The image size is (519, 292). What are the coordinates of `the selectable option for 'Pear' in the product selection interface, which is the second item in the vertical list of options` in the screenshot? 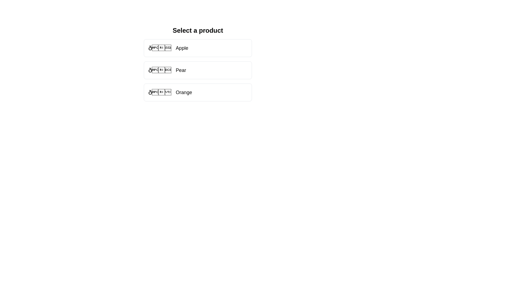 It's located at (197, 63).